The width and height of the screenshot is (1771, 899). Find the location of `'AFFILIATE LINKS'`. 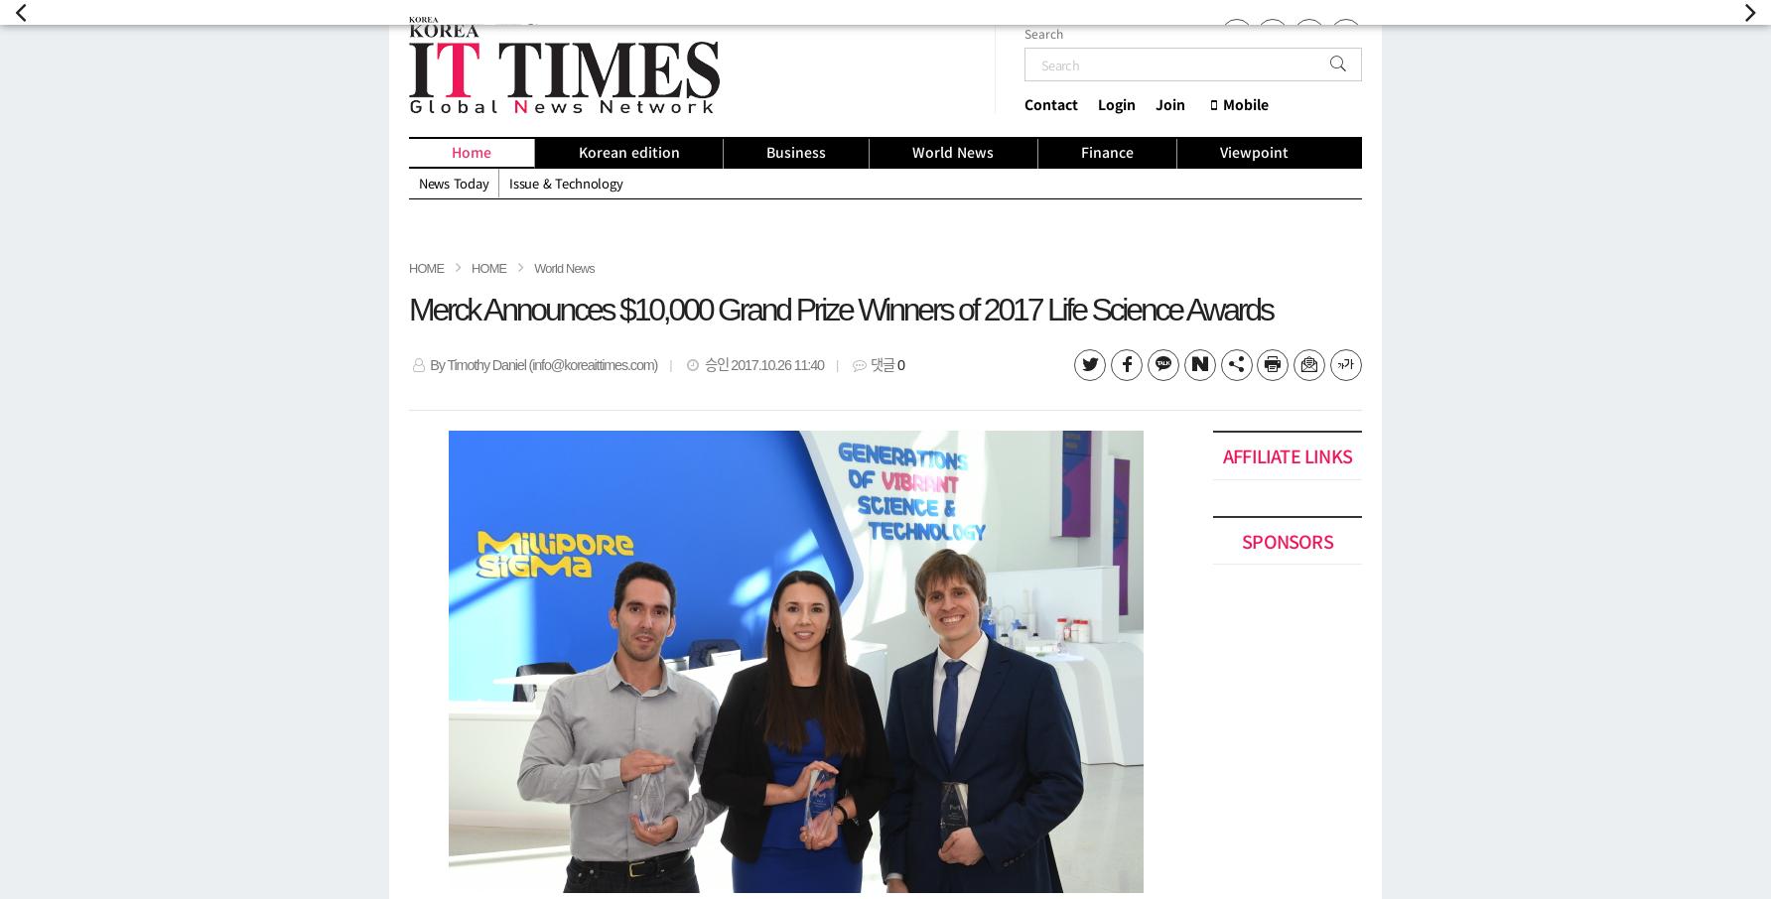

'AFFILIATE LINKS' is located at coordinates (1286, 453).